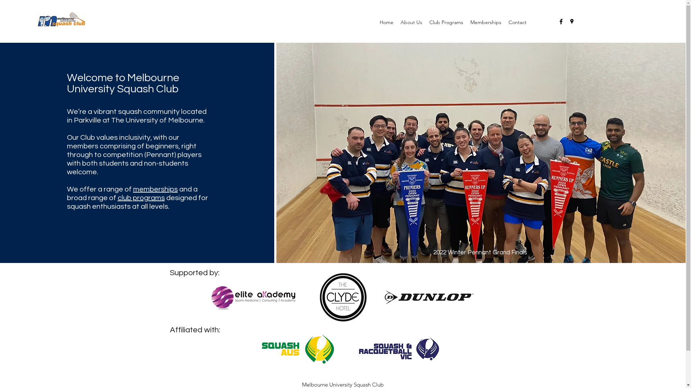  Describe the element at coordinates (141, 198) in the screenshot. I see `'club programs'` at that location.